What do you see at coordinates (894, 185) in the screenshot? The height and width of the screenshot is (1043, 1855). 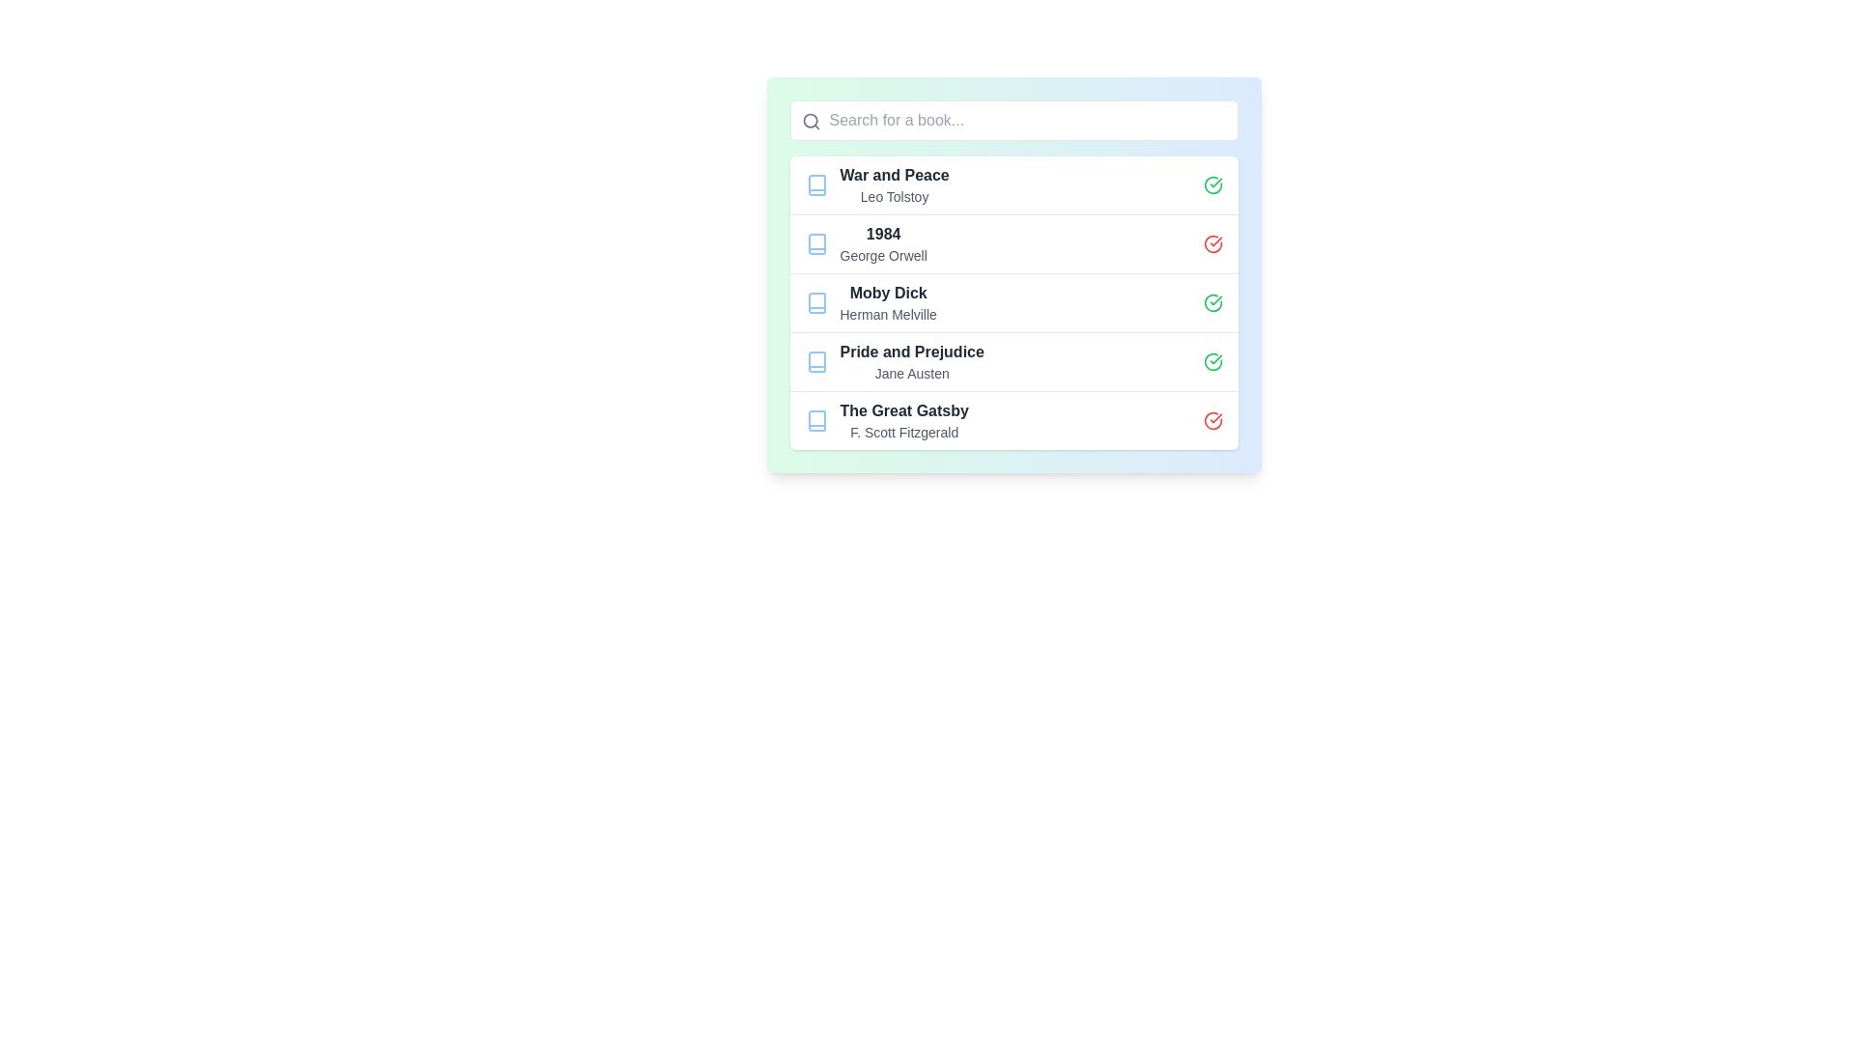 I see `the first list item that contains information about a specific book, including its title and author` at bounding box center [894, 185].